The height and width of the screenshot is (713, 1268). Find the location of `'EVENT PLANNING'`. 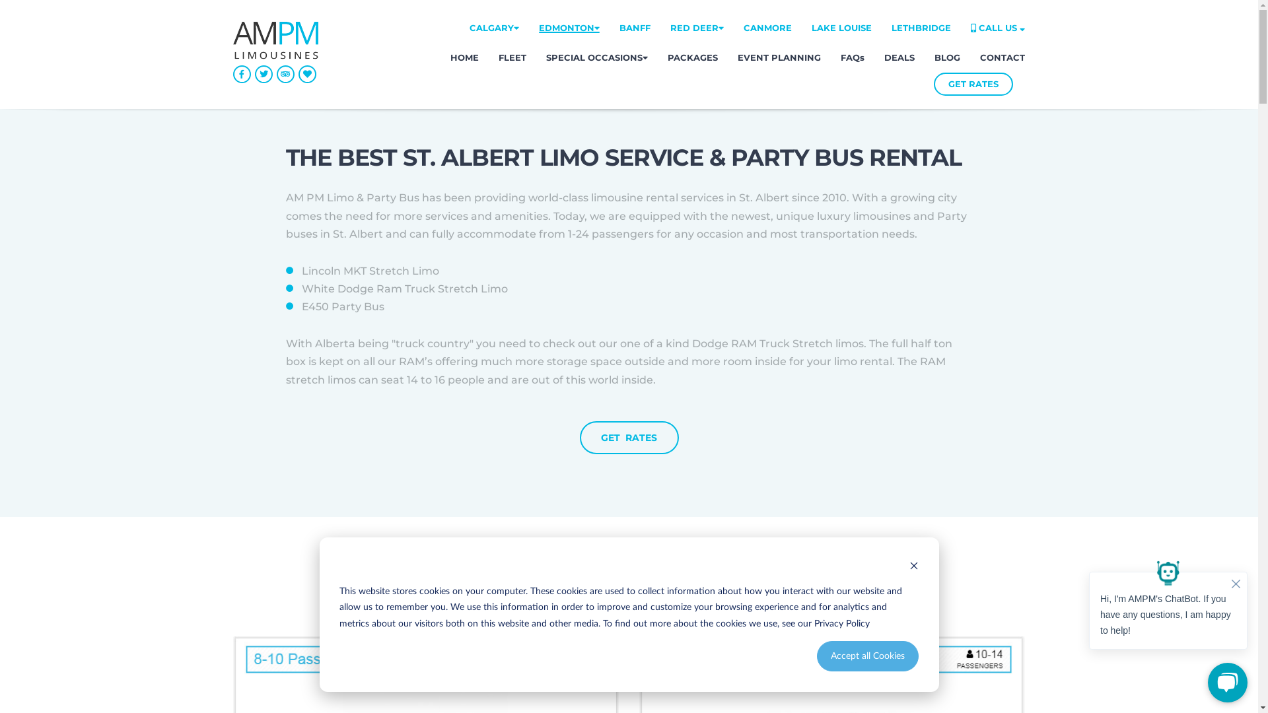

'EVENT PLANNING' is located at coordinates (779, 57).